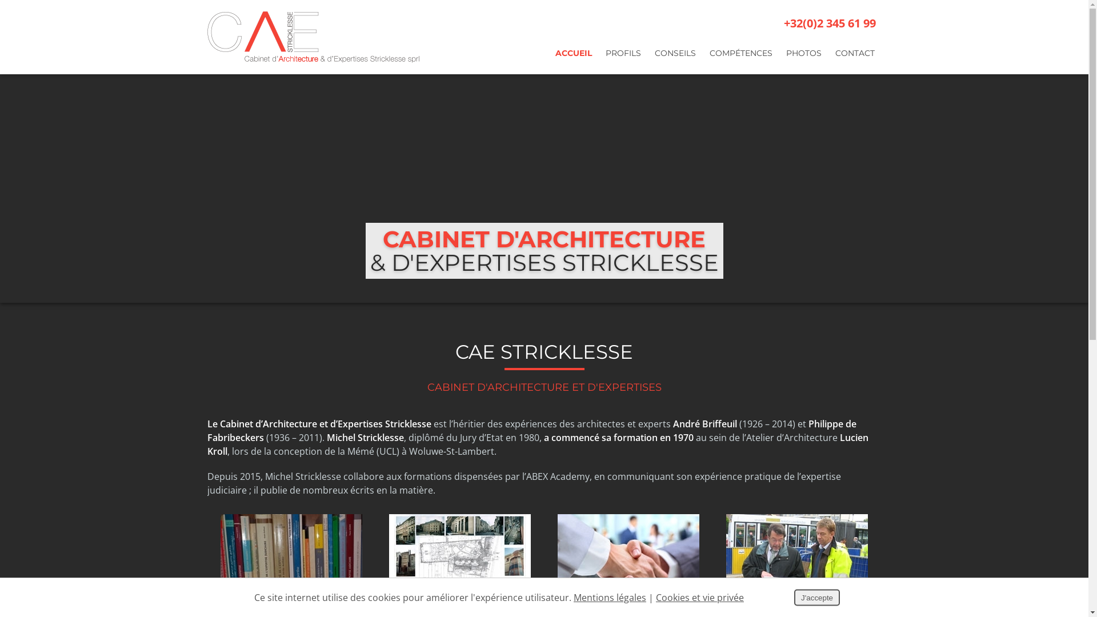 The height and width of the screenshot is (617, 1097). Describe the element at coordinates (855, 55) in the screenshot. I see `'CONTACT'` at that location.